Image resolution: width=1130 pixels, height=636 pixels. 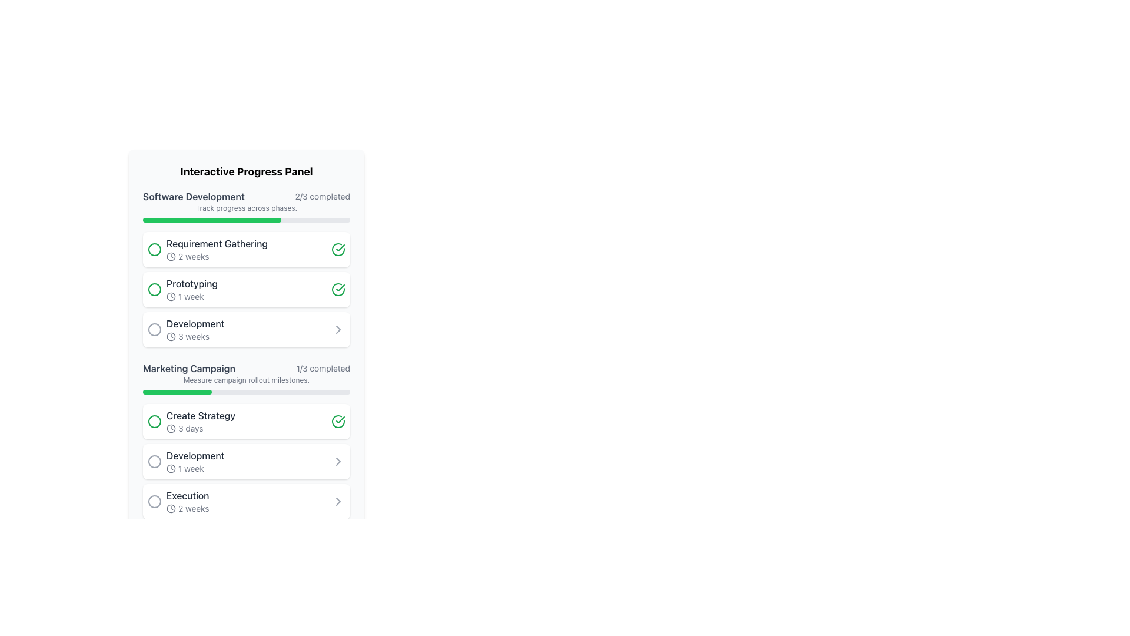 What do you see at coordinates (195, 455) in the screenshot?
I see `the text label that describes the task or milestone labeled 'Development' in the 'Marketing Campaign' section, specifically located between 'Create Strategy' and 'Execution'` at bounding box center [195, 455].